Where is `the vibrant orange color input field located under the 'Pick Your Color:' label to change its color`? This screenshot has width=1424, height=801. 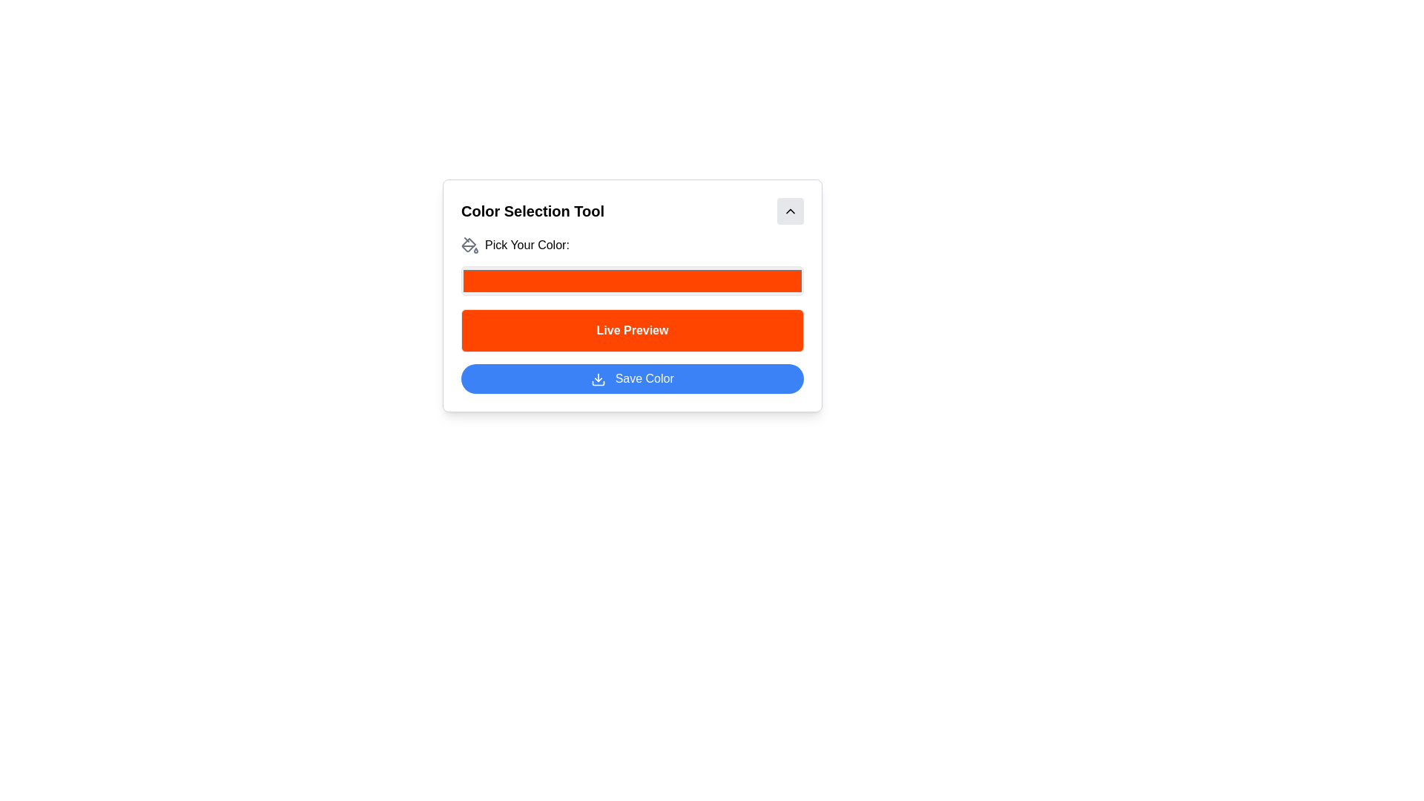
the vibrant orange color input field located under the 'Pick Your Color:' label to change its color is located at coordinates (633, 295).